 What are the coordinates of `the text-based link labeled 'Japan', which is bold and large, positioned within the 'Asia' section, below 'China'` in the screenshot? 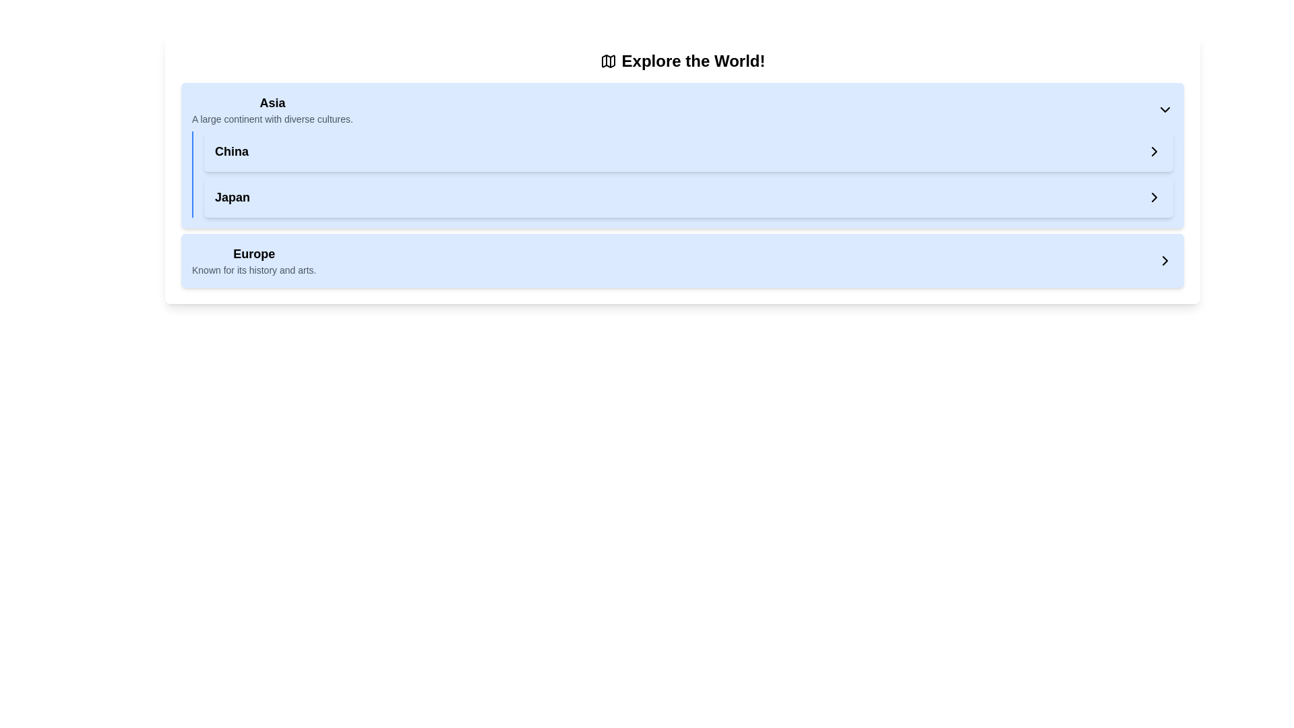 It's located at (233, 198).